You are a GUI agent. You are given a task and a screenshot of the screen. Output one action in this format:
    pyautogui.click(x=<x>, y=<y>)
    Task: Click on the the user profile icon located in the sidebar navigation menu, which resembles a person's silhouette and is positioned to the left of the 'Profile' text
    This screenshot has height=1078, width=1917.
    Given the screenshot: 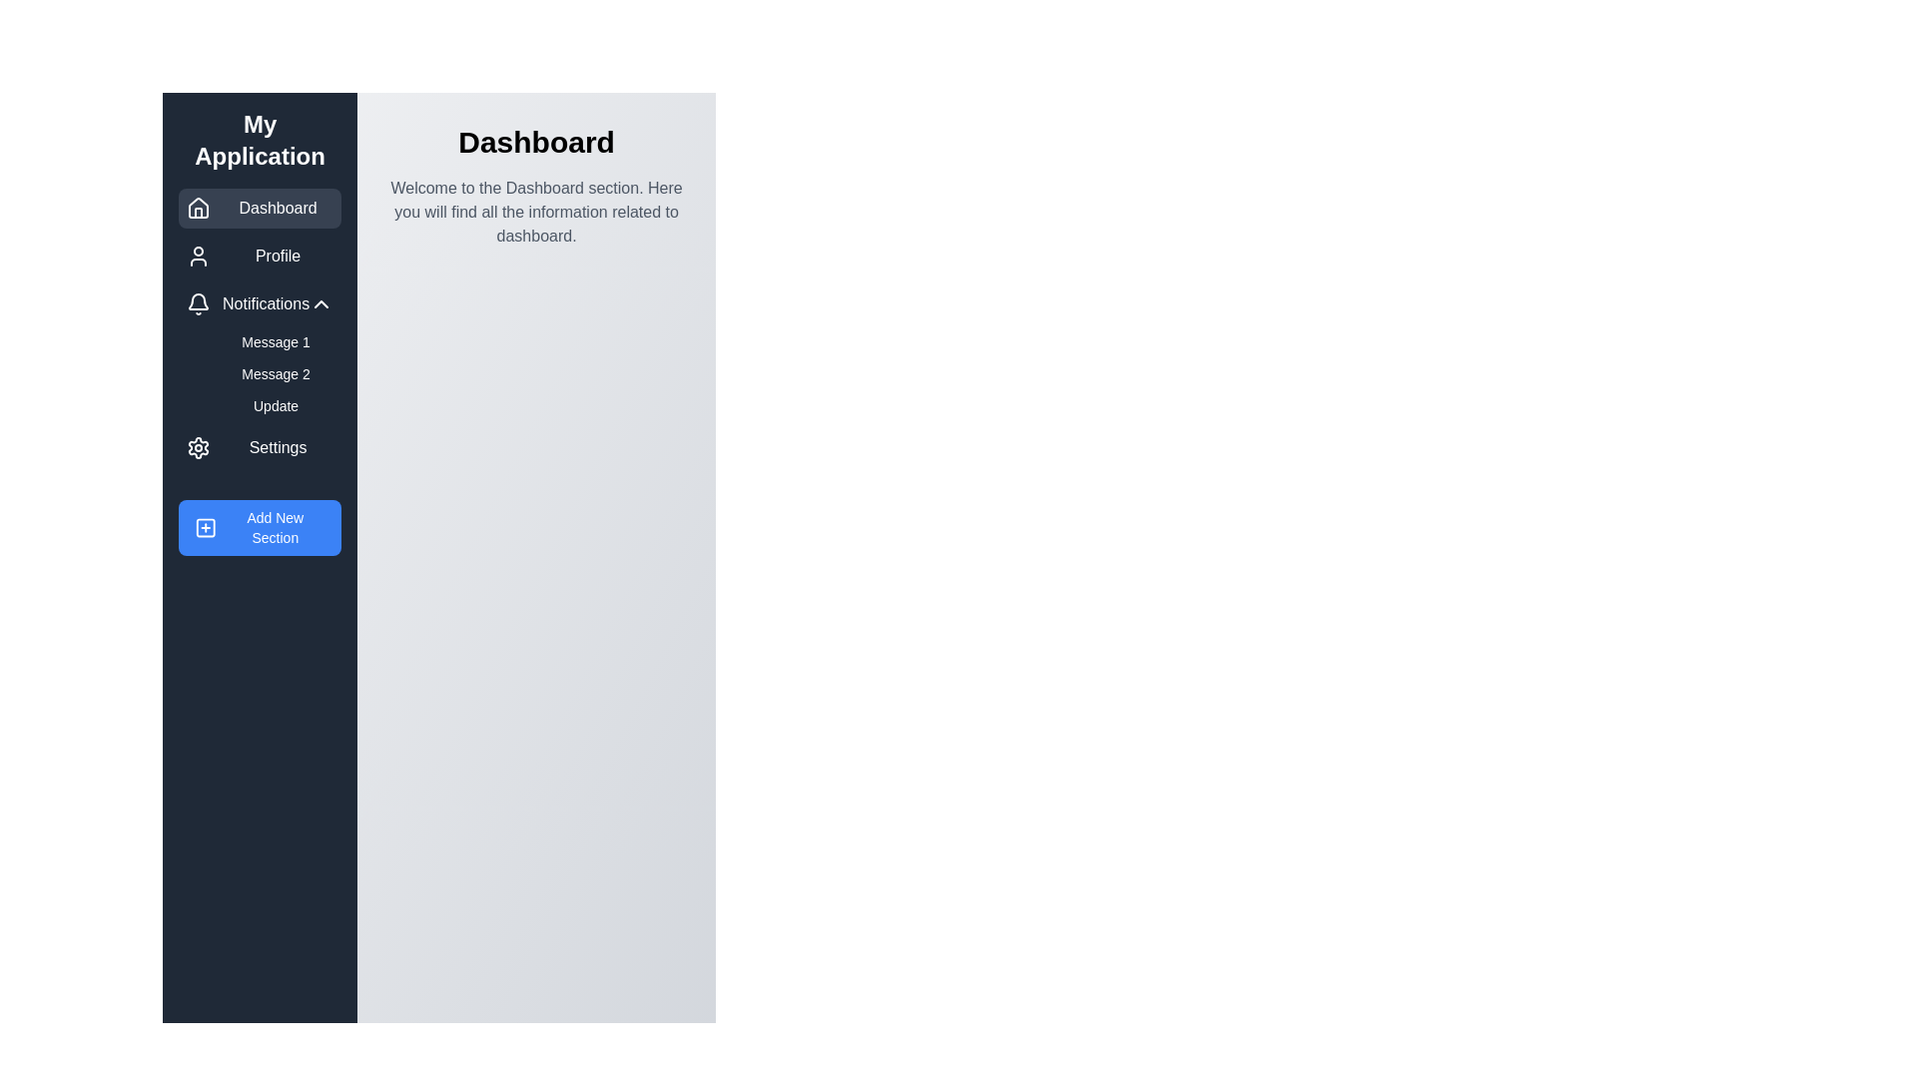 What is the action you would take?
    pyautogui.click(x=198, y=256)
    